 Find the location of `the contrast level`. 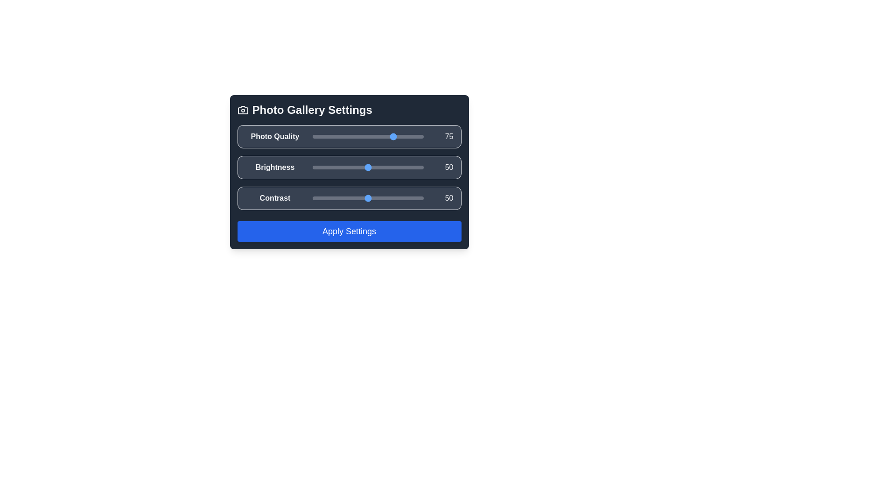

the contrast level is located at coordinates (392, 197).